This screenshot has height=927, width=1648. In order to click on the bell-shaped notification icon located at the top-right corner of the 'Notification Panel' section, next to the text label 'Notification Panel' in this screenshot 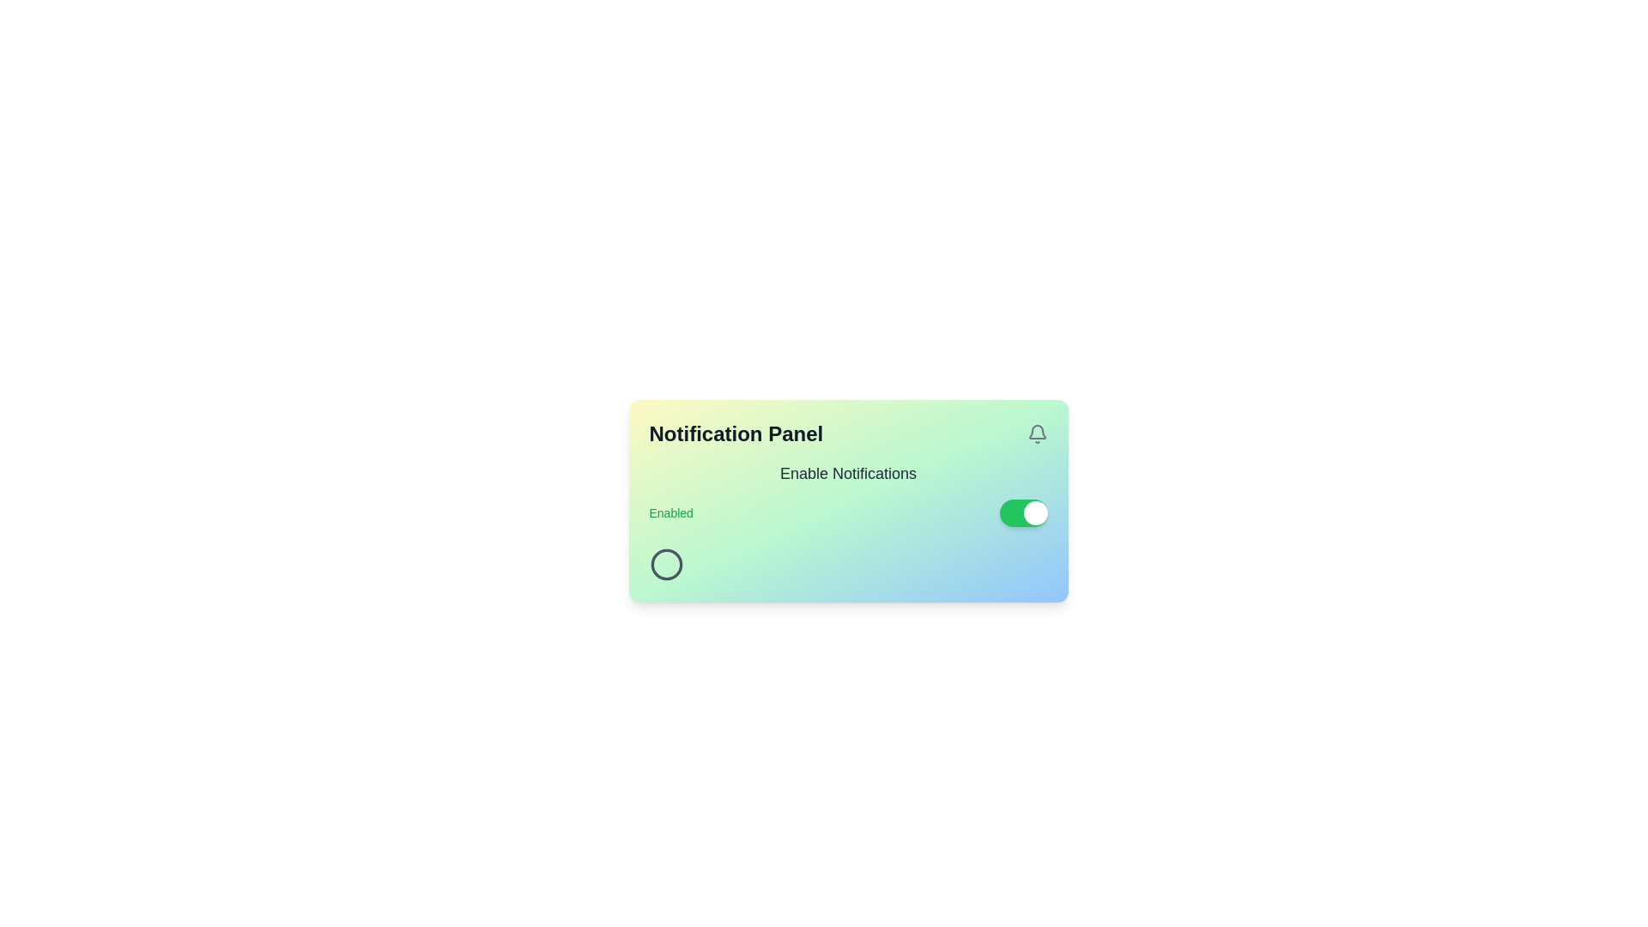, I will do `click(1036, 433)`.